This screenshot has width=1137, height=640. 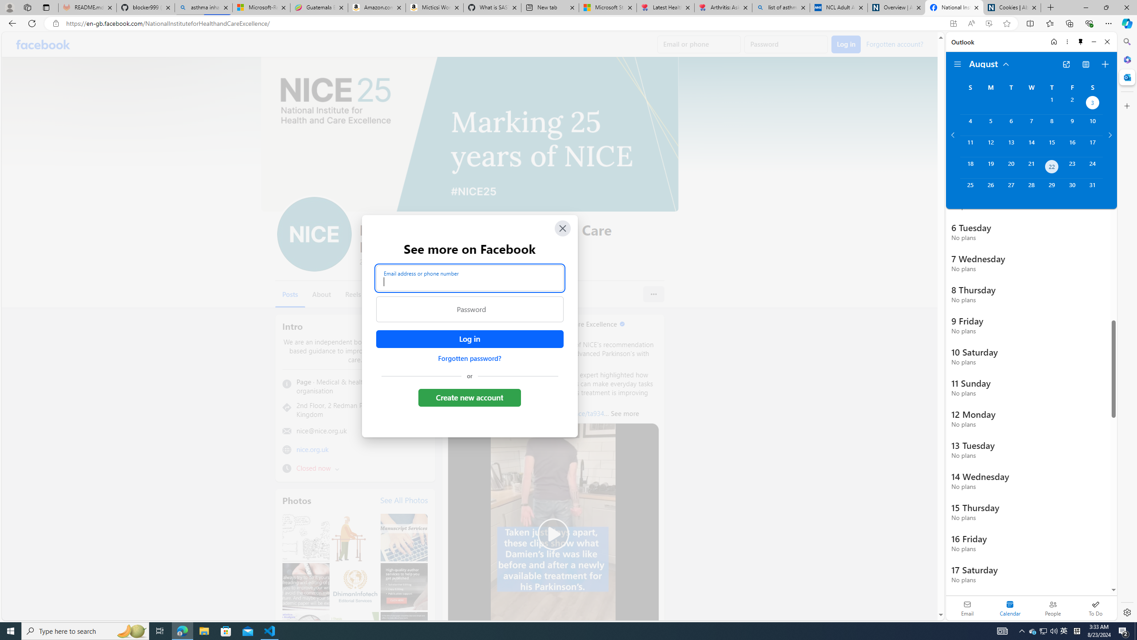 I want to click on 'Monday, August 12, 2024. ', so click(x=990, y=146).